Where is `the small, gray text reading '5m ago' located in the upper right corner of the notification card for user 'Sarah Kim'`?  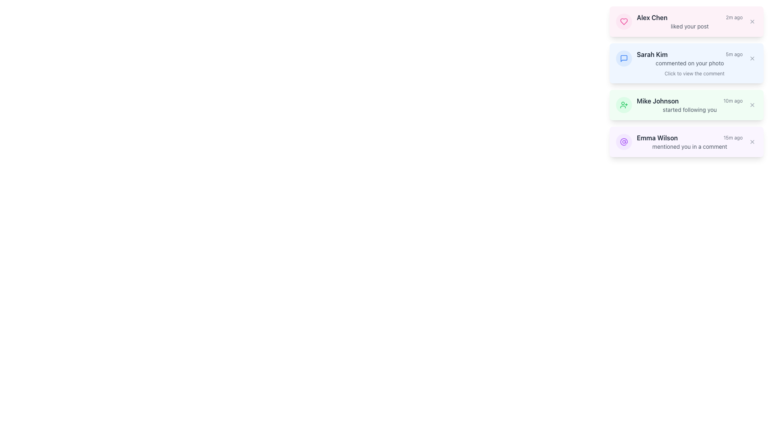
the small, gray text reading '5m ago' located in the upper right corner of the notification card for user 'Sarah Kim' is located at coordinates (734, 54).